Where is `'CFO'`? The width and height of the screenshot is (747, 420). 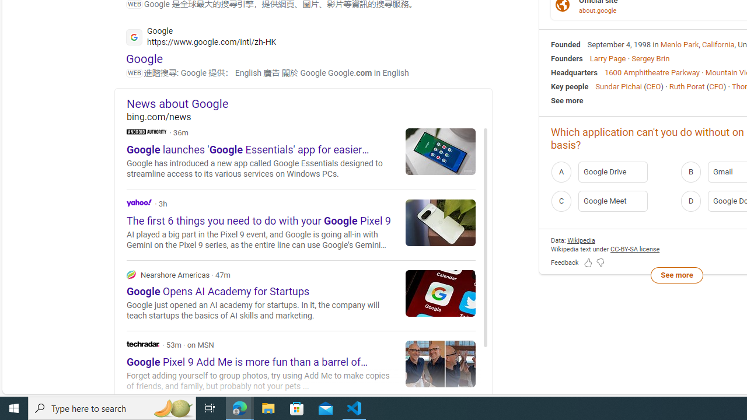
'CFO' is located at coordinates (715, 85).